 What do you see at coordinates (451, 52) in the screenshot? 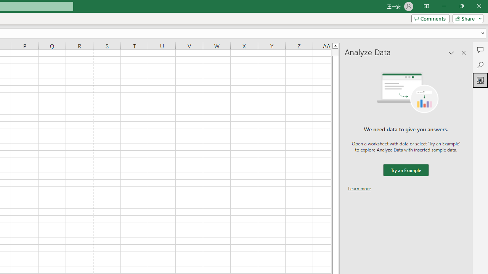
I see `'Task Pane Options'` at bounding box center [451, 52].